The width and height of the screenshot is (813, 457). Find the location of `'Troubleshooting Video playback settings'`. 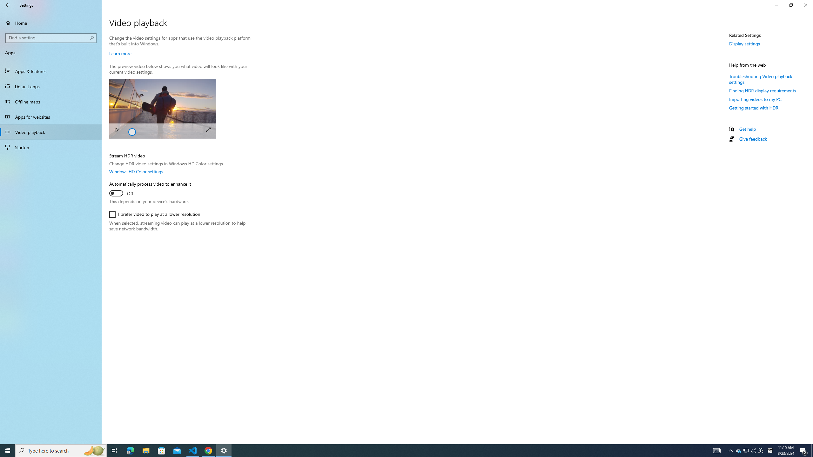

'Troubleshooting Video playback settings' is located at coordinates (761, 79).